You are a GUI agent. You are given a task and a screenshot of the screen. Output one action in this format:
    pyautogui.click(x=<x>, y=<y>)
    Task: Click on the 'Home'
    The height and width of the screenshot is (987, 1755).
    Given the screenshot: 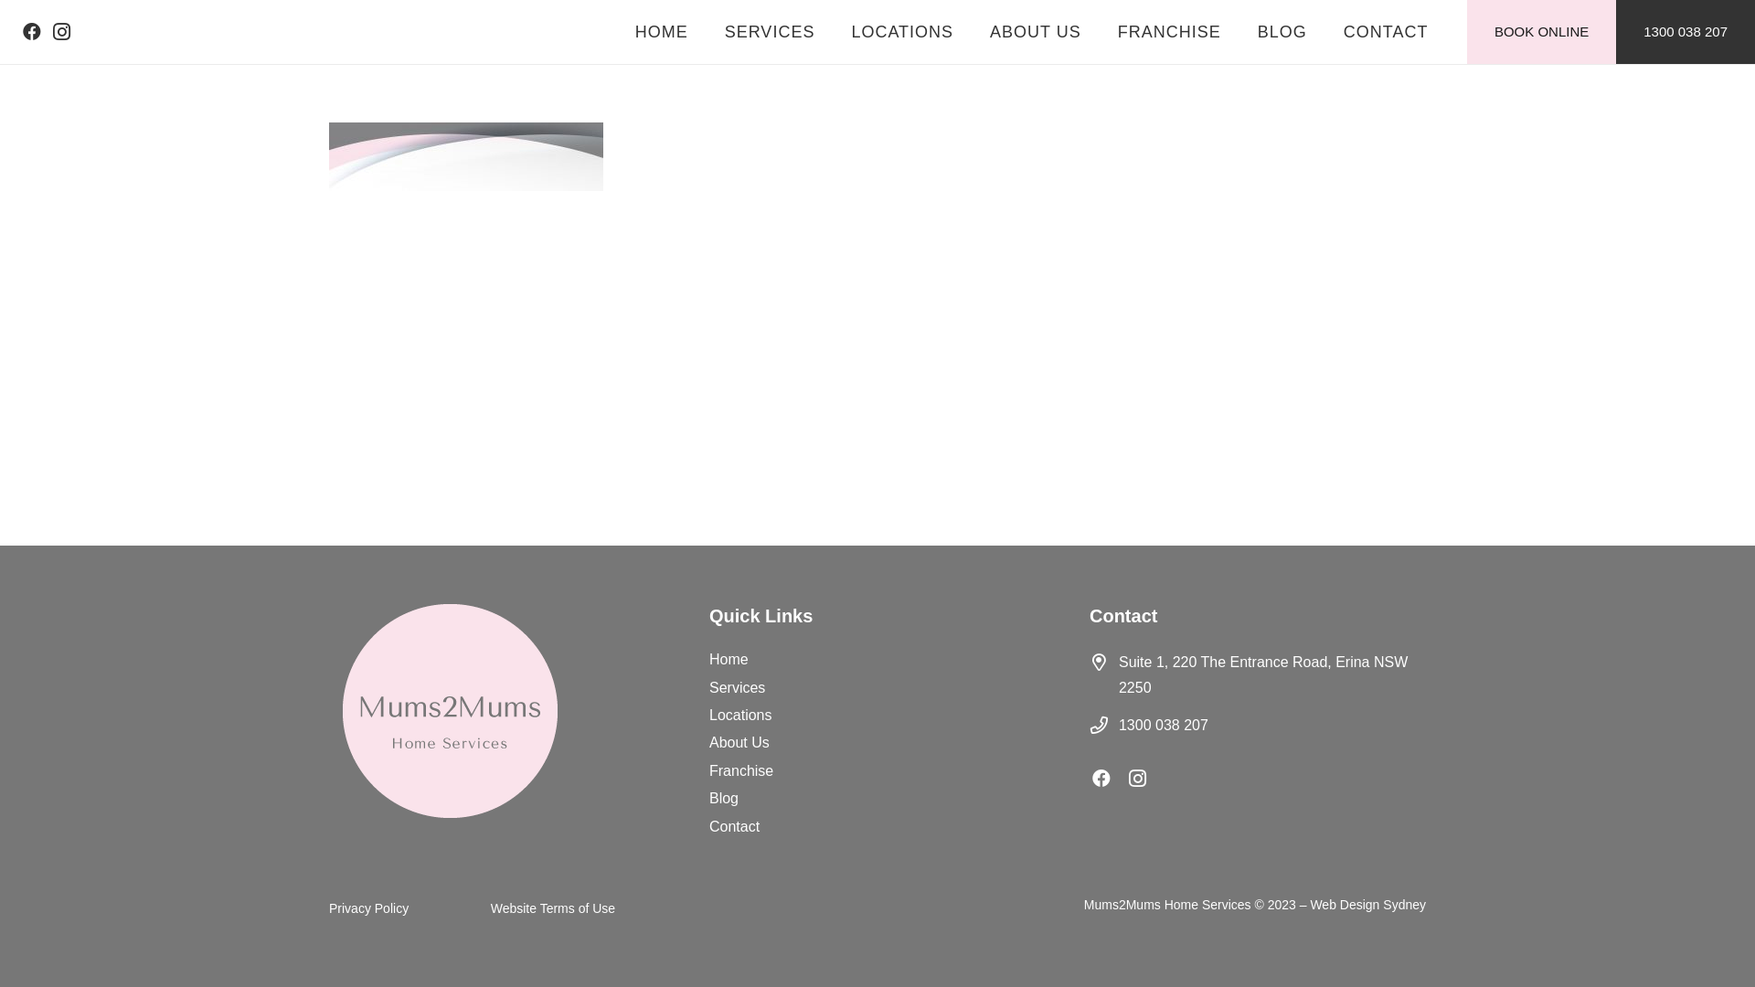 What is the action you would take?
    pyautogui.click(x=728, y=659)
    